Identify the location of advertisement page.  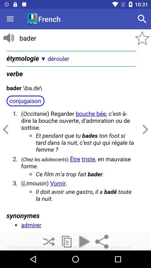
(75, 148).